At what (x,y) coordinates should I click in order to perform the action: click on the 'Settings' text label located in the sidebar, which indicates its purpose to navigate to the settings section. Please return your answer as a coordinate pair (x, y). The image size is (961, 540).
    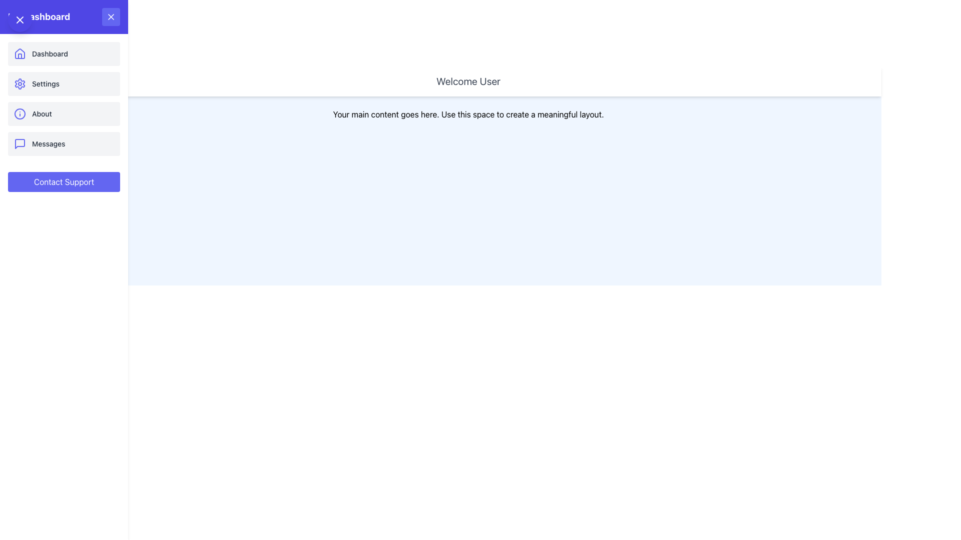
    Looking at the image, I should click on (45, 83).